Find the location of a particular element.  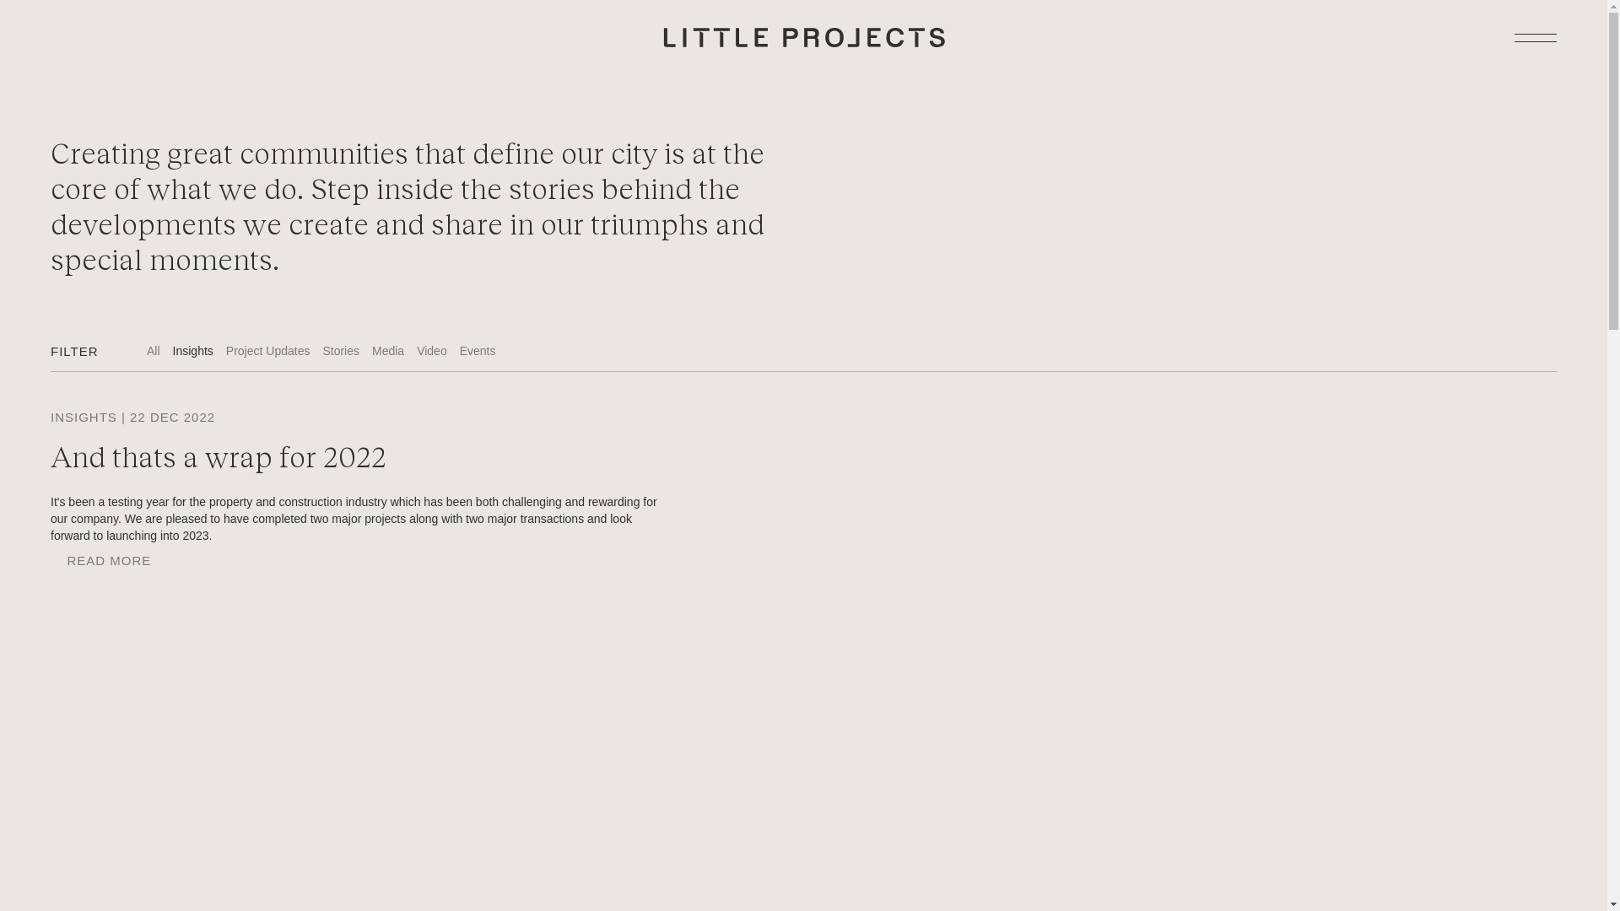

'Facebook' is located at coordinates (50, 799).